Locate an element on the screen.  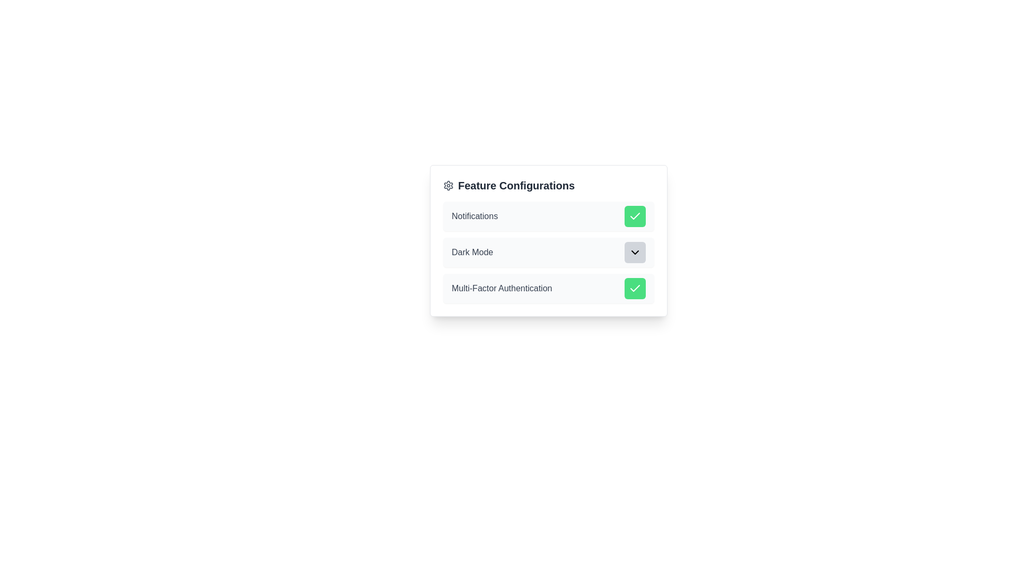
the enabled status of the Multi-Factor Authentication feature by interacting with the checkmark indicator located in the bottom-right section of the corresponding option row is located at coordinates (635, 288).